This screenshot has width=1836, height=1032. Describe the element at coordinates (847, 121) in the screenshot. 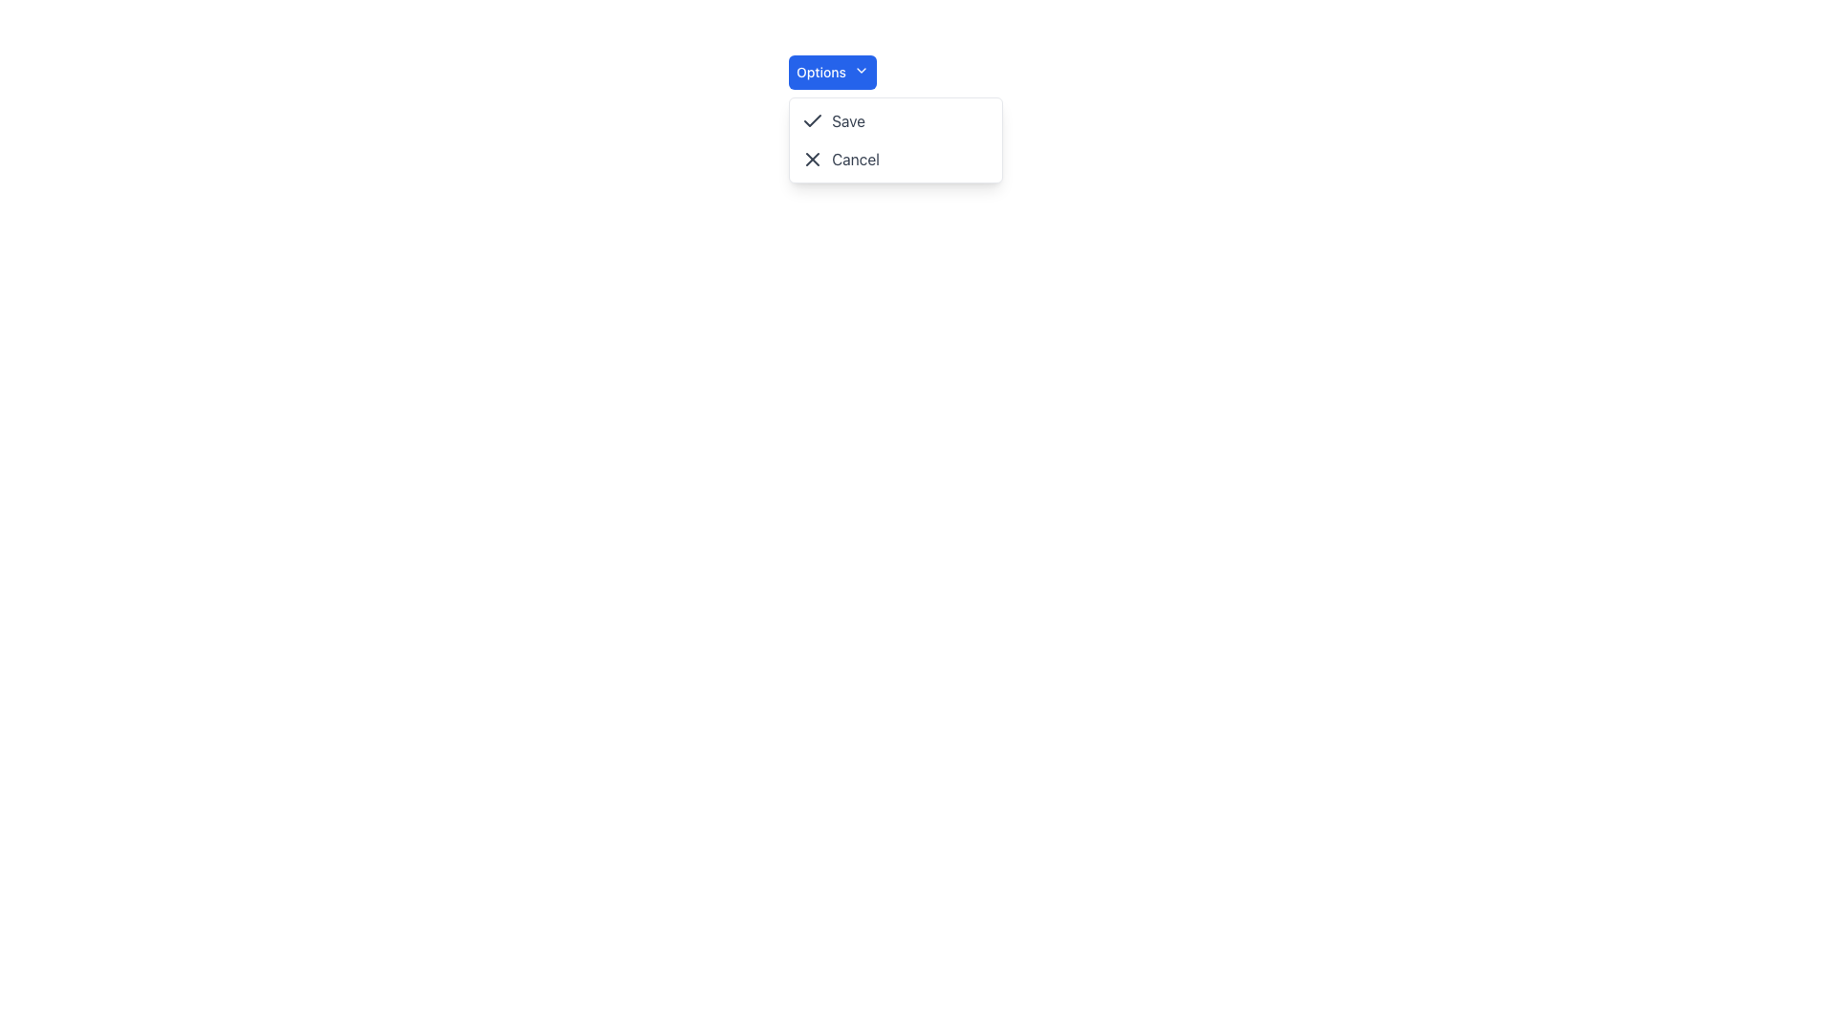

I see `the 'Save' text label displayed in dark grey within the second item of a vertical list menu` at that location.